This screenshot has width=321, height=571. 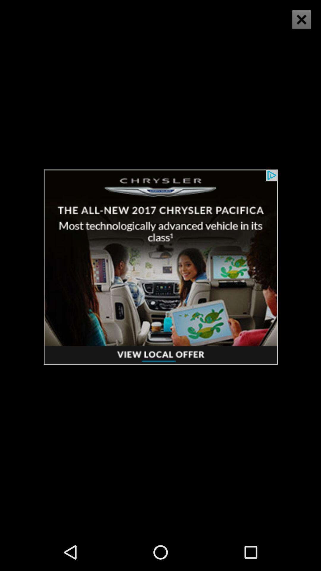 I want to click on the close icon, so click(x=301, y=21).